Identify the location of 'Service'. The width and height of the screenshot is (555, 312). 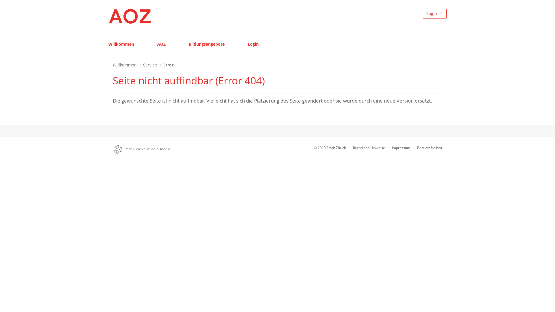
(150, 65).